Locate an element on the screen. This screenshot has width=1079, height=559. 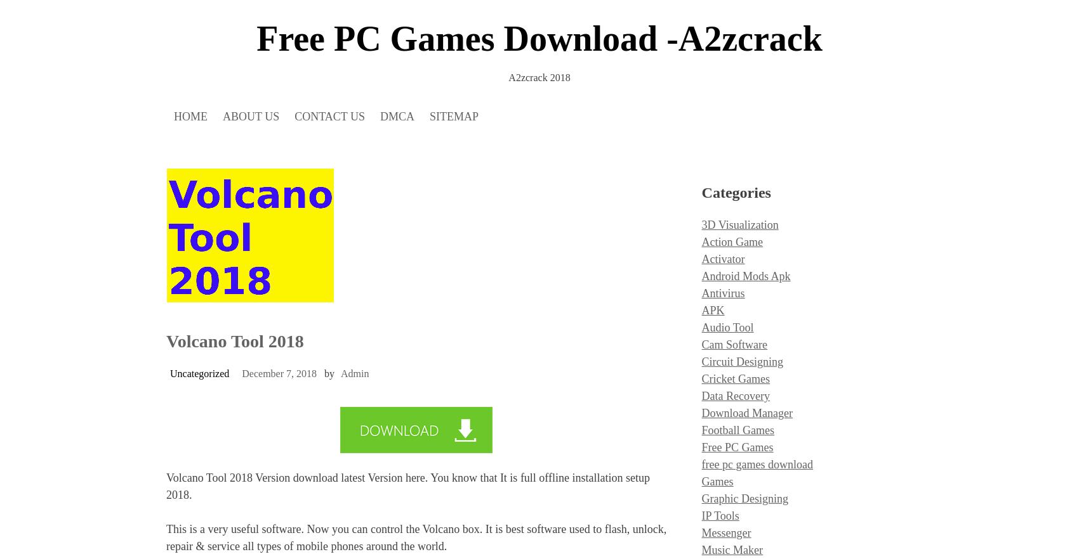
'Web Design Tools' is located at coordinates (701, 314).